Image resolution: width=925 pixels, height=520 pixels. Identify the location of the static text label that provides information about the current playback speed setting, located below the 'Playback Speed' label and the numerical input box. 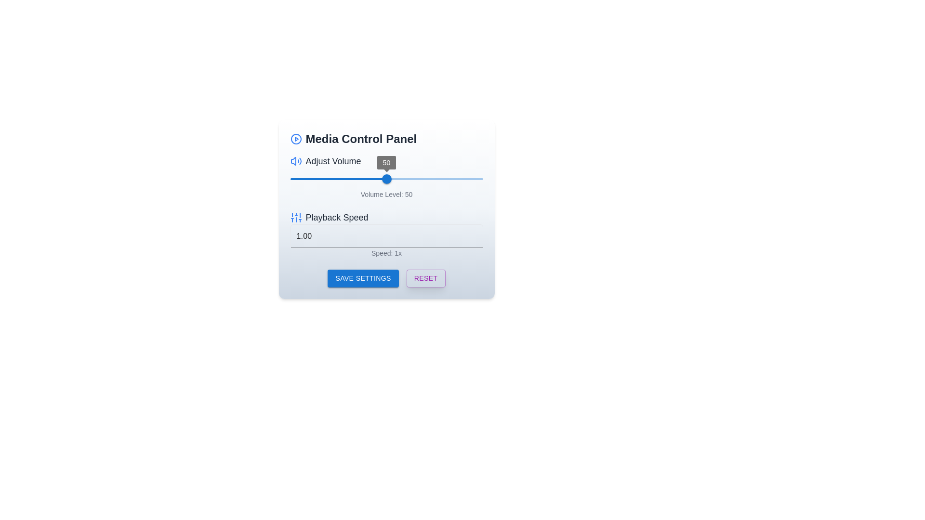
(386, 252).